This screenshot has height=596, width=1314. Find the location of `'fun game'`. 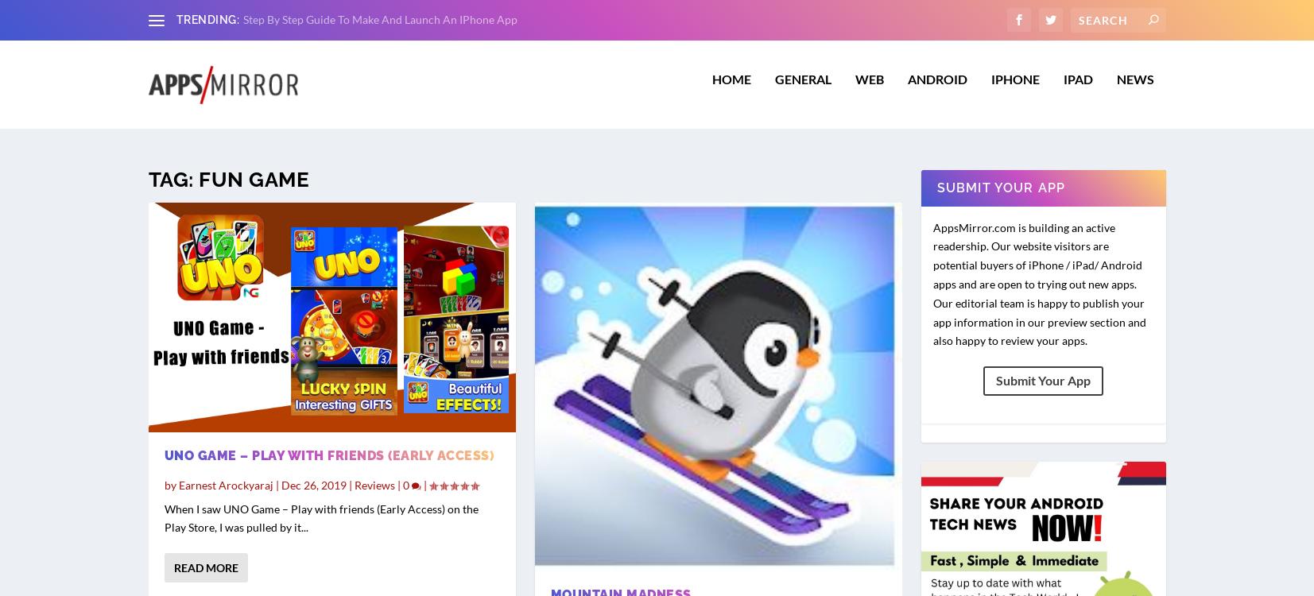

'fun game' is located at coordinates (253, 168).